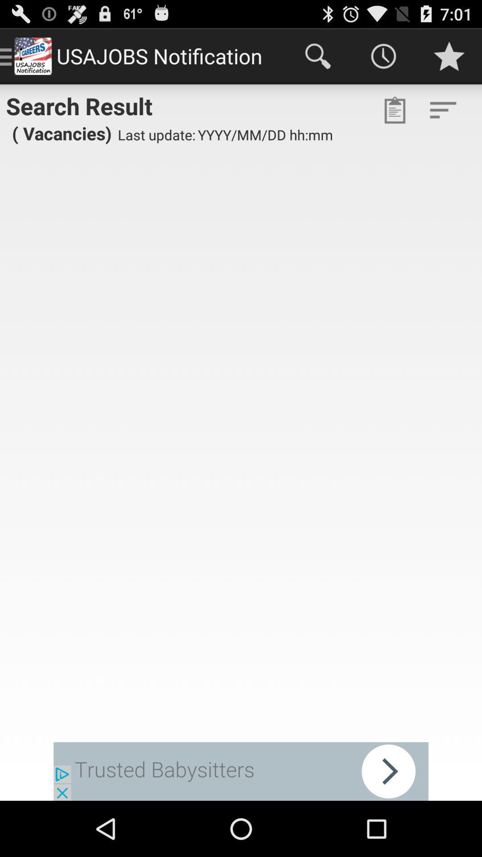  I want to click on the filter_list icon, so click(443, 112).